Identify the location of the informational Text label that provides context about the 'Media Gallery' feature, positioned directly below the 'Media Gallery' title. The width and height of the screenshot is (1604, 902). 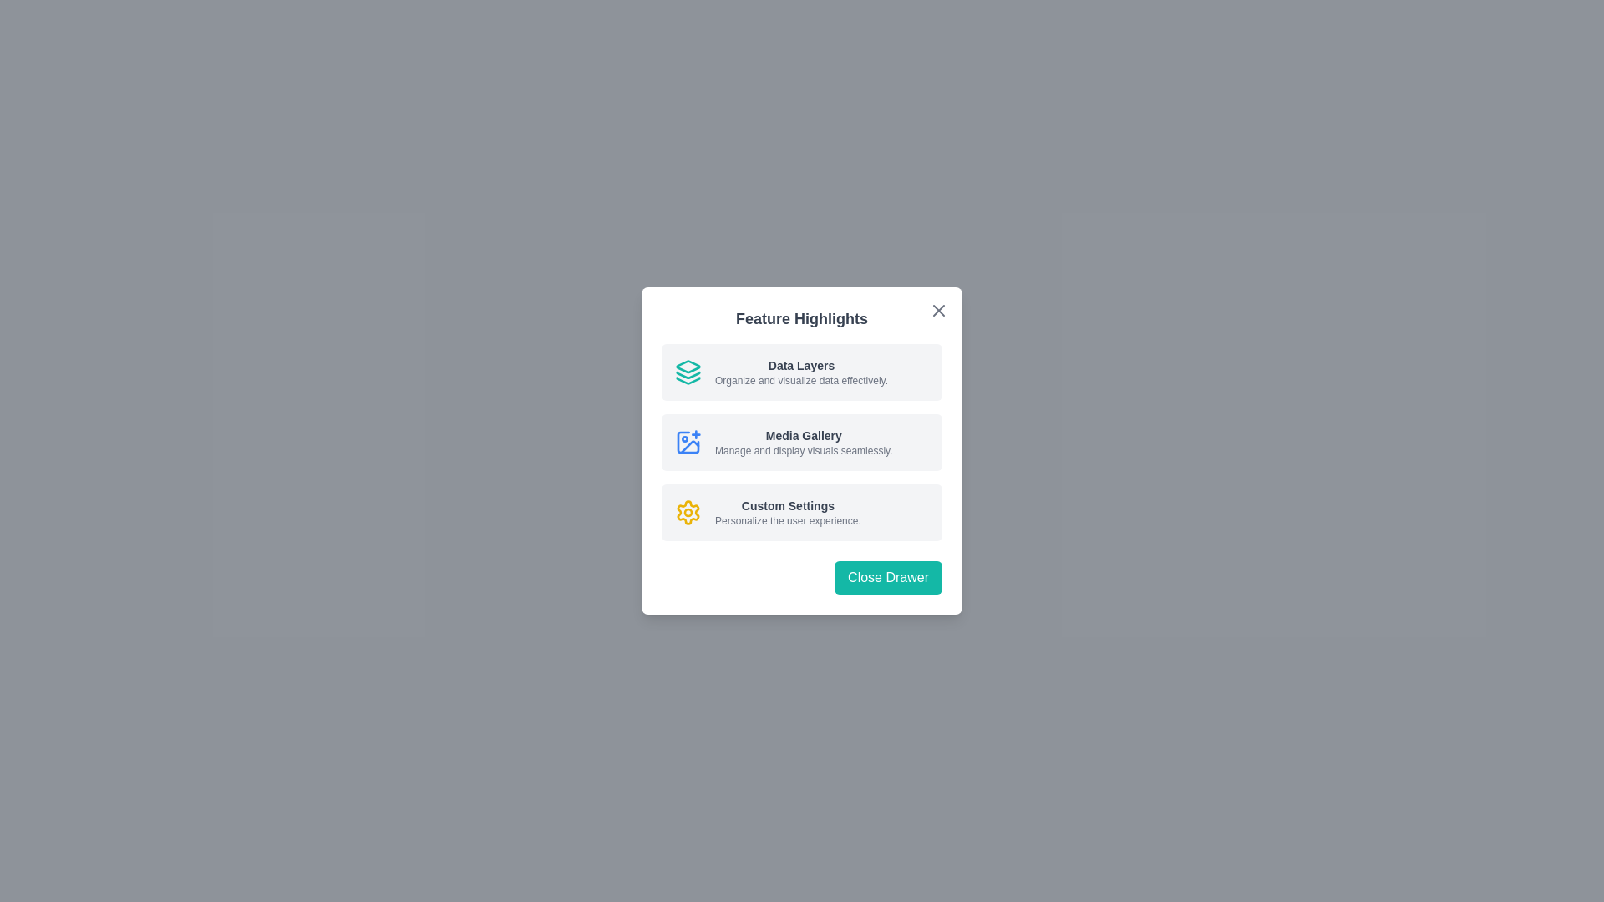
(804, 451).